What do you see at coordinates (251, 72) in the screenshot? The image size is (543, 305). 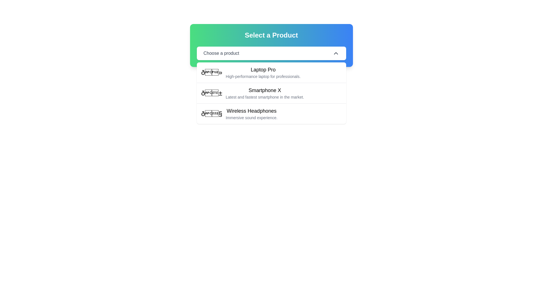 I see `the first product option 'Laptop Pro' in the dropdown menu` at bounding box center [251, 72].